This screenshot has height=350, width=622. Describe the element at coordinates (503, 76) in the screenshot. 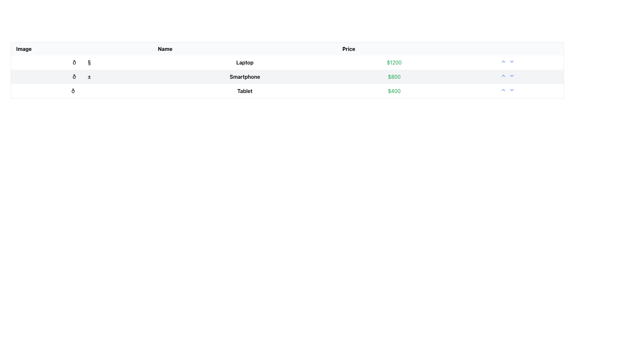

I see `the chevron icon located in the second row of the tabular layout, positioned in the rightmost part of its row` at that location.